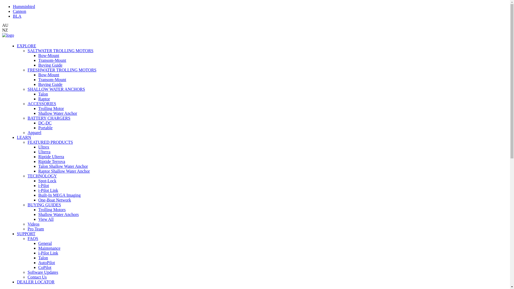  What do you see at coordinates (45, 243) in the screenshot?
I see `'General'` at bounding box center [45, 243].